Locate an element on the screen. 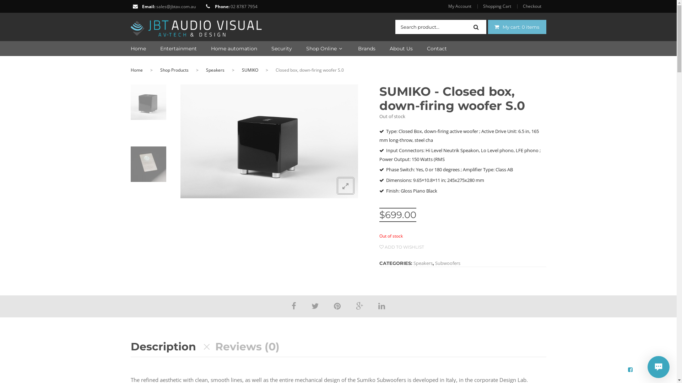  'My Account' is located at coordinates (462, 6).